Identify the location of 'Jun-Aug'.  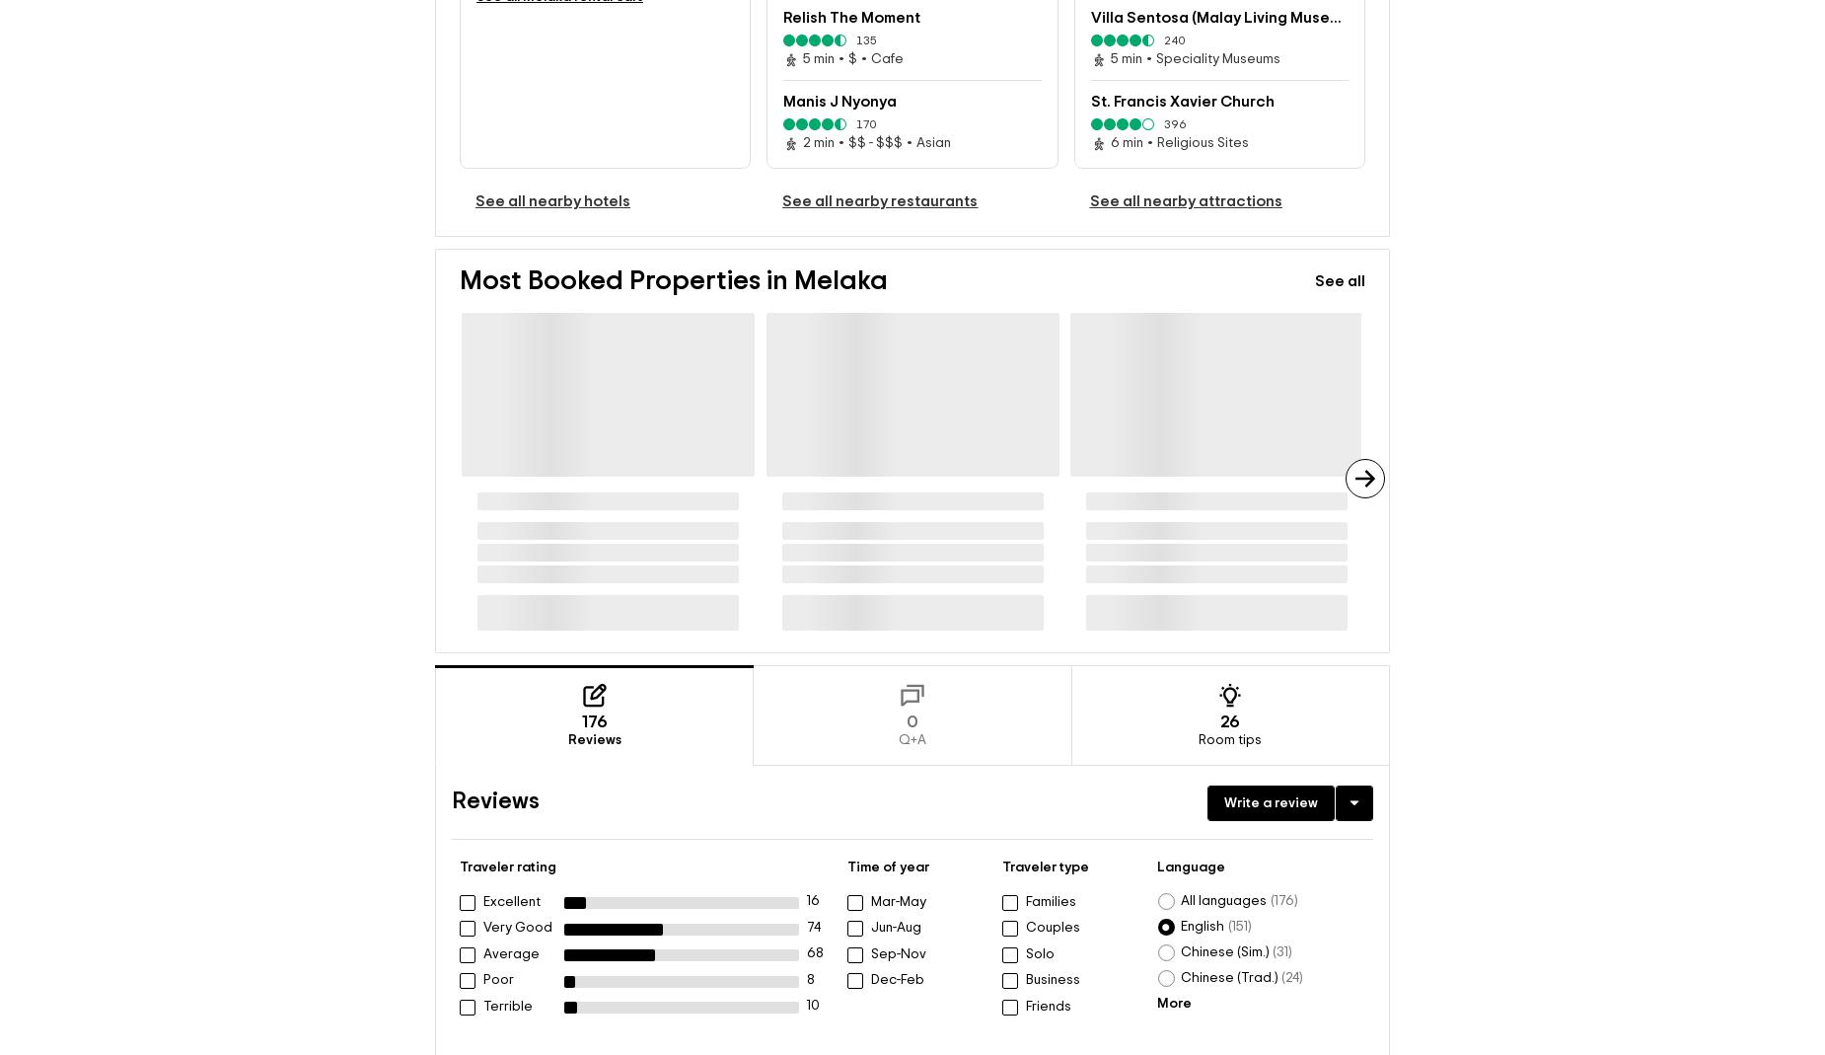
(895, 926).